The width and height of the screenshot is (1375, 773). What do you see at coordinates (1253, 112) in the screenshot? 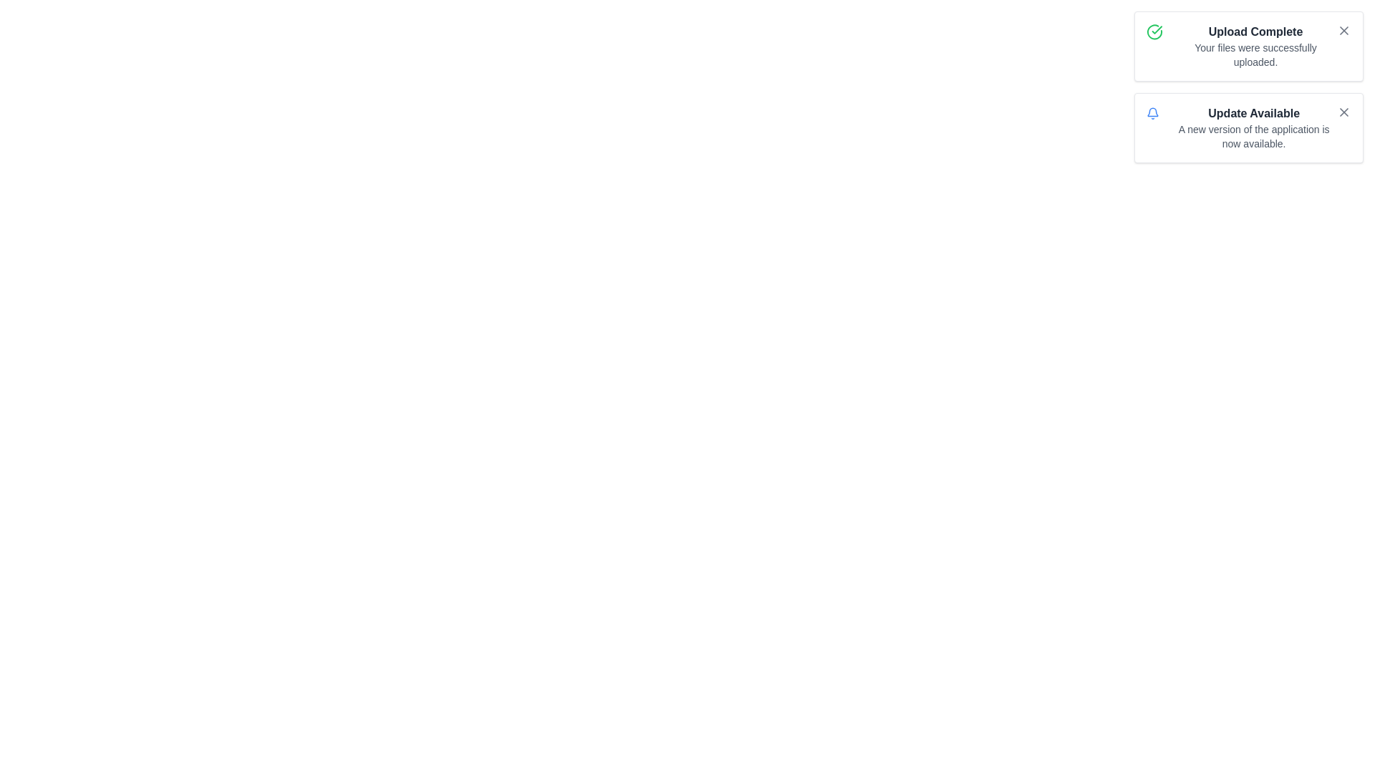
I see `the Text Display that shows 'Update Available', which is styled in bold dark gray font and serves as the title of the notification box` at bounding box center [1253, 112].